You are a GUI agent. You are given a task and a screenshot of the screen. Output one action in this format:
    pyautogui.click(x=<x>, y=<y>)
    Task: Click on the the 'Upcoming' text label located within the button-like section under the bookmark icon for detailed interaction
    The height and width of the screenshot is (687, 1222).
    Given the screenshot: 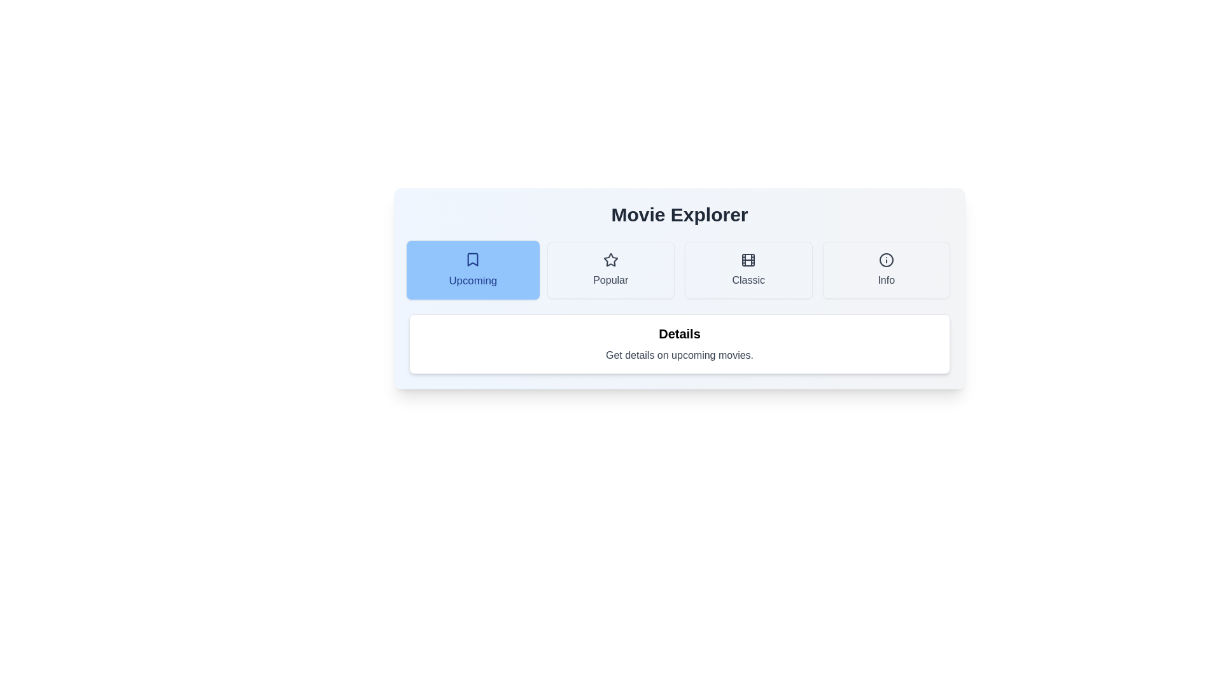 What is the action you would take?
    pyautogui.click(x=472, y=280)
    